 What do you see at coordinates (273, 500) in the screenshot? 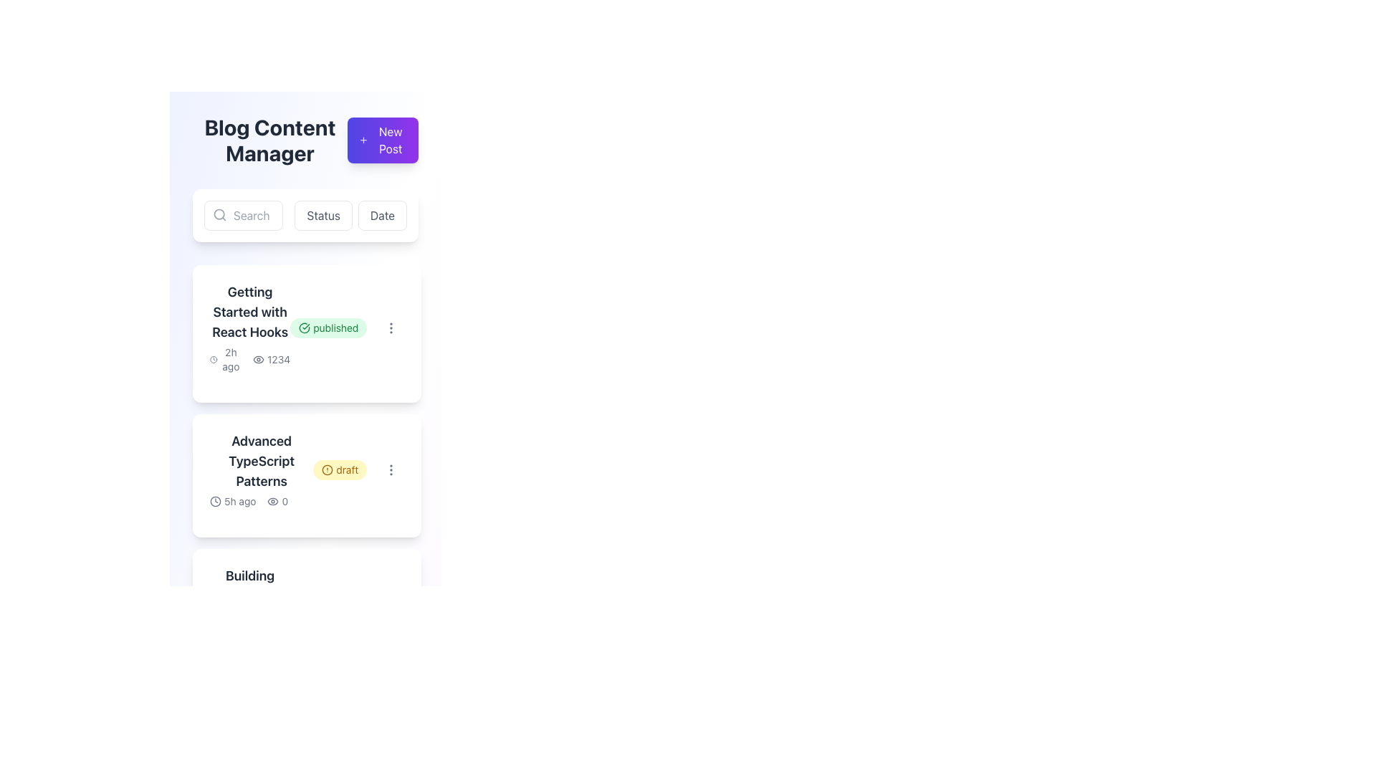
I see `the eye-shaped icon located to the left of the numeric badge displaying '0' in the 'Advanced TypeScript Patterns' card if it is actionable` at bounding box center [273, 500].